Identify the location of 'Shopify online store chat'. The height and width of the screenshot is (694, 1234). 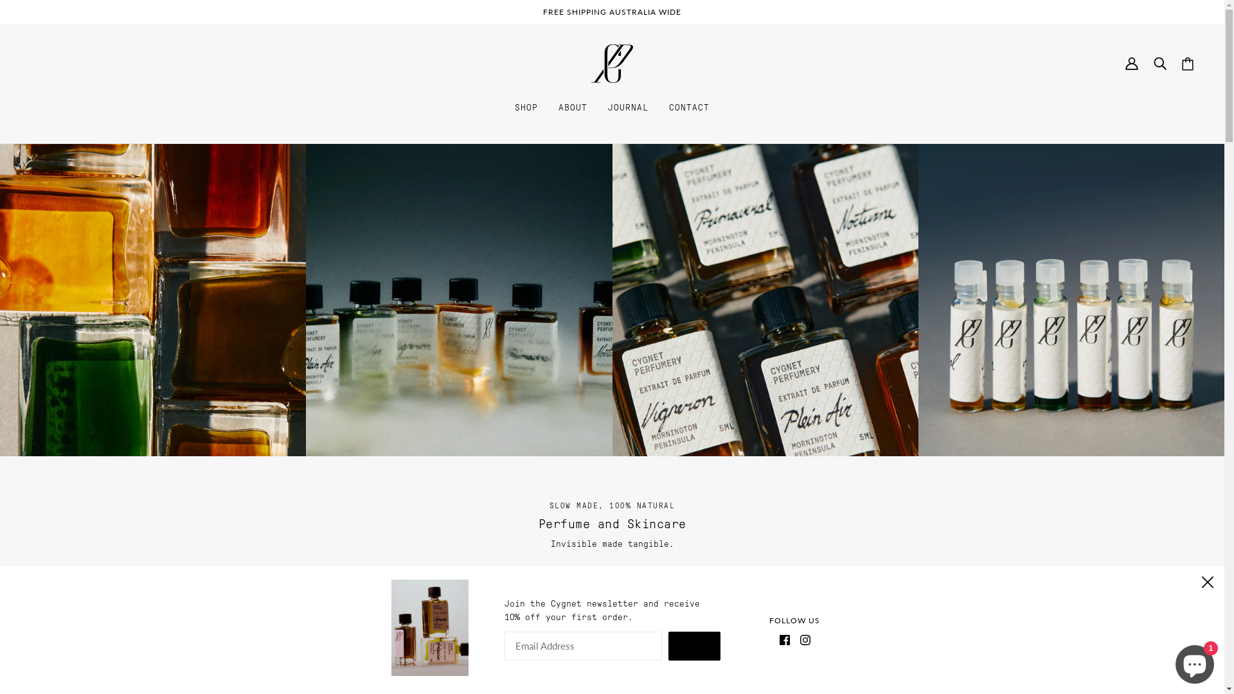
(1194, 661).